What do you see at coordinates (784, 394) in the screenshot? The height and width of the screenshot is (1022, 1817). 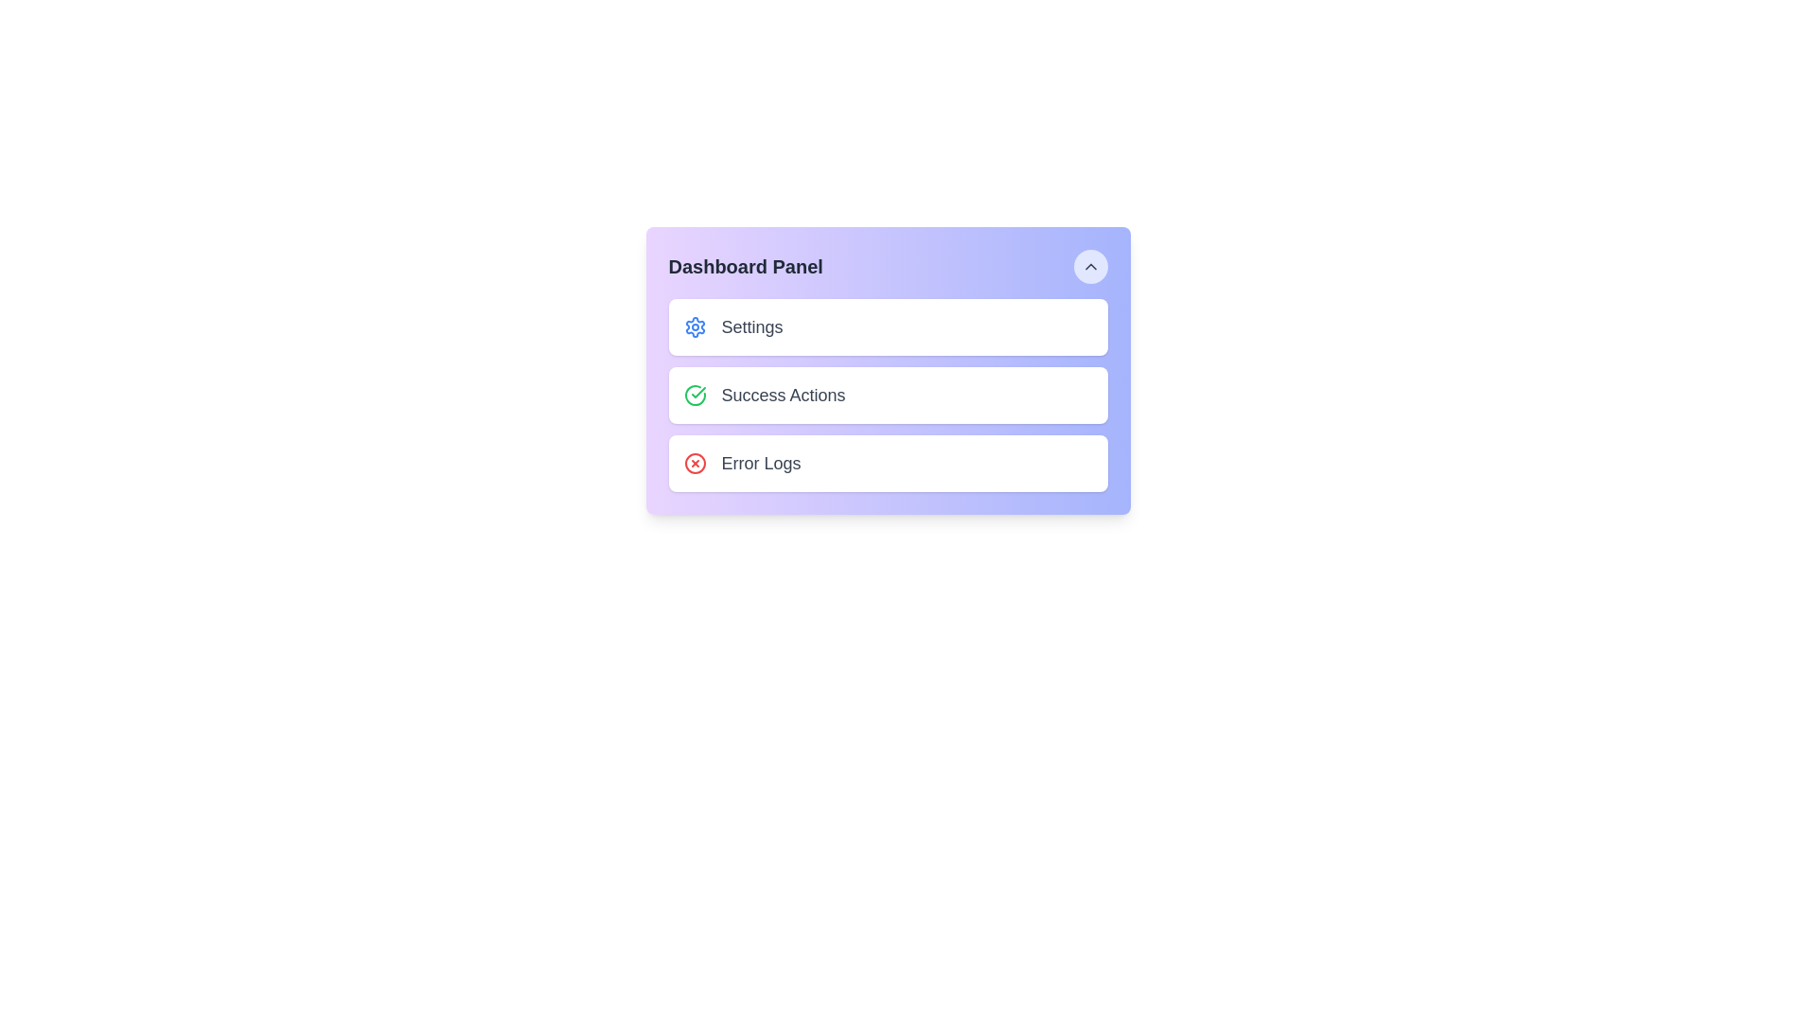 I see `the text label indicating successful operations or status, which is positioned to the right of the green checkmark icon within the 'Dashboard Panel'` at bounding box center [784, 394].